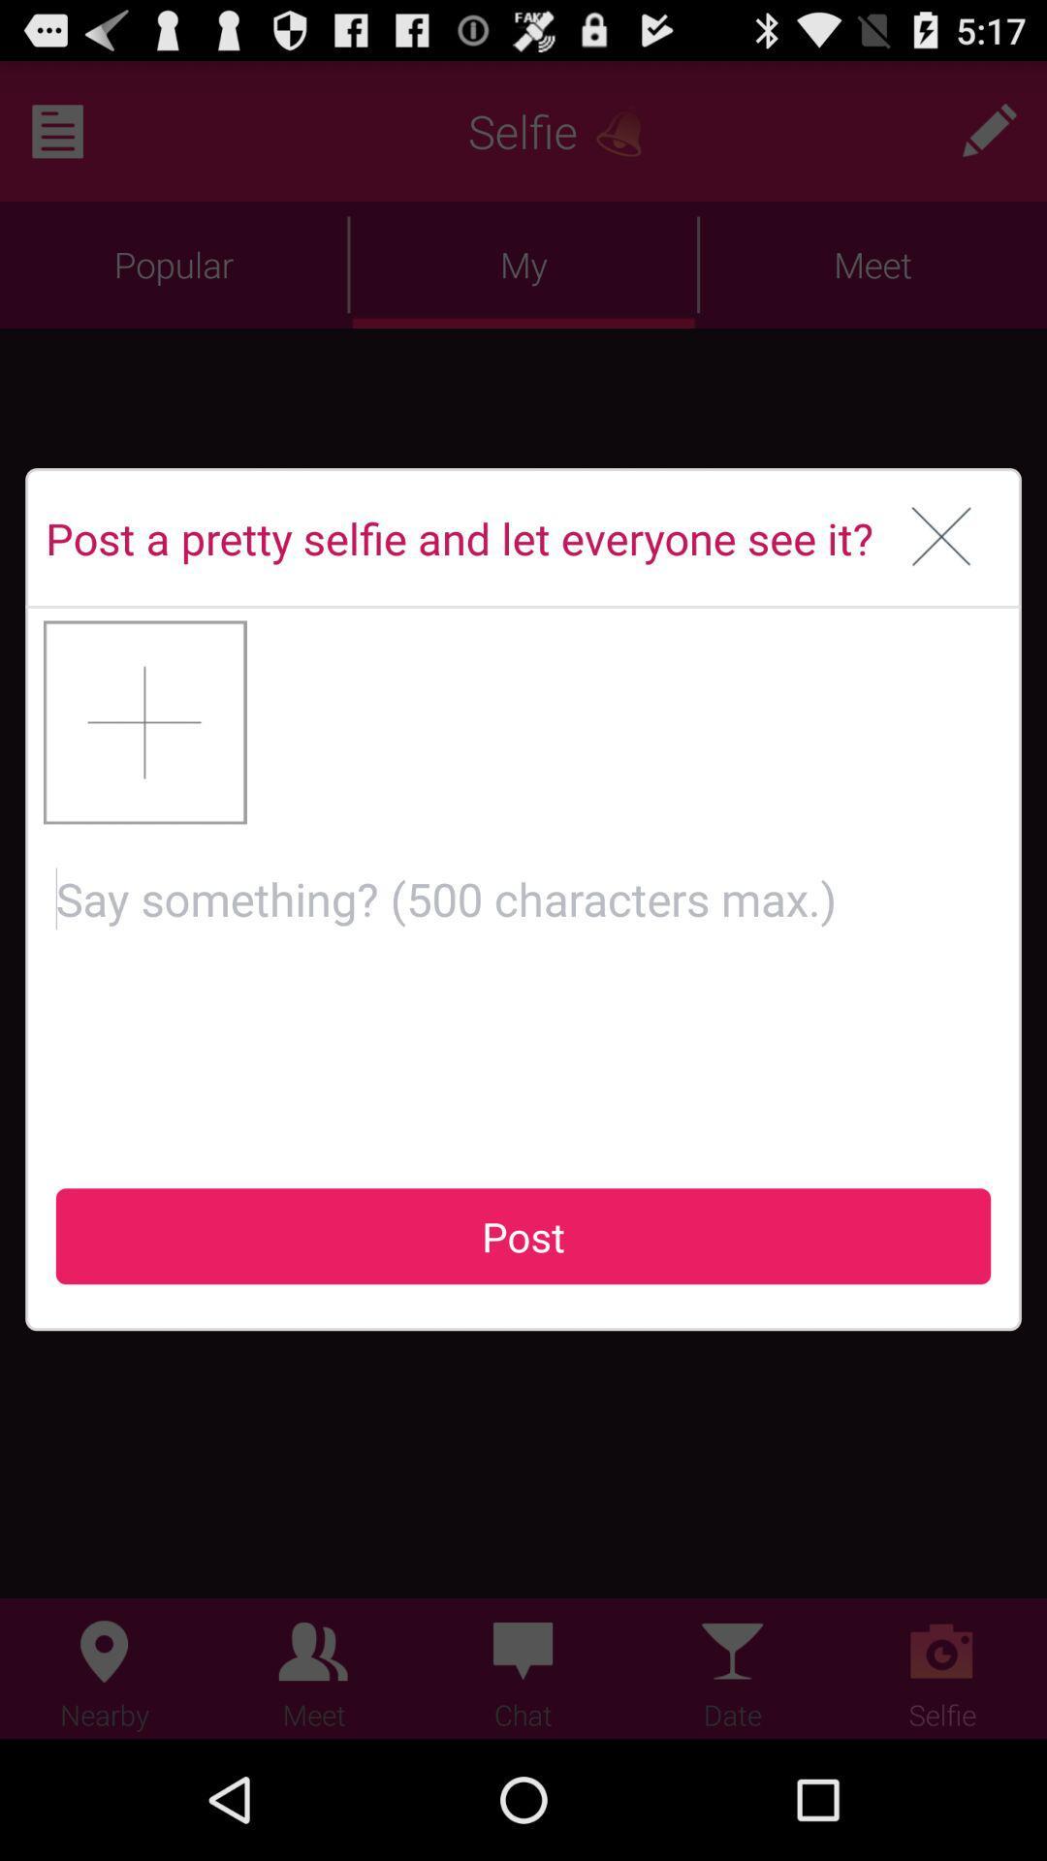  What do you see at coordinates (144, 721) in the screenshot?
I see `button` at bounding box center [144, 721].